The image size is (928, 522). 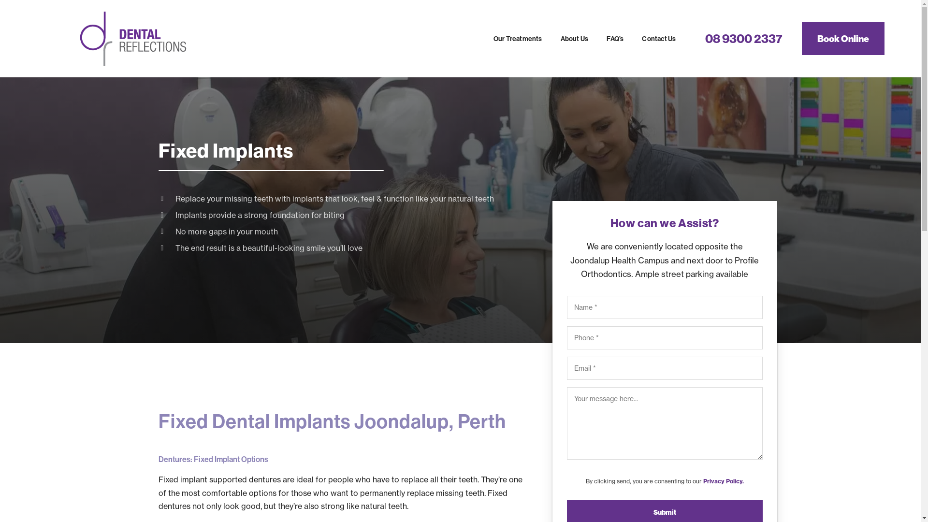 What do you see at coordinates (658, 38) in the screenshot?
I see `'Contact Us'` at bounding box center [658, 38].